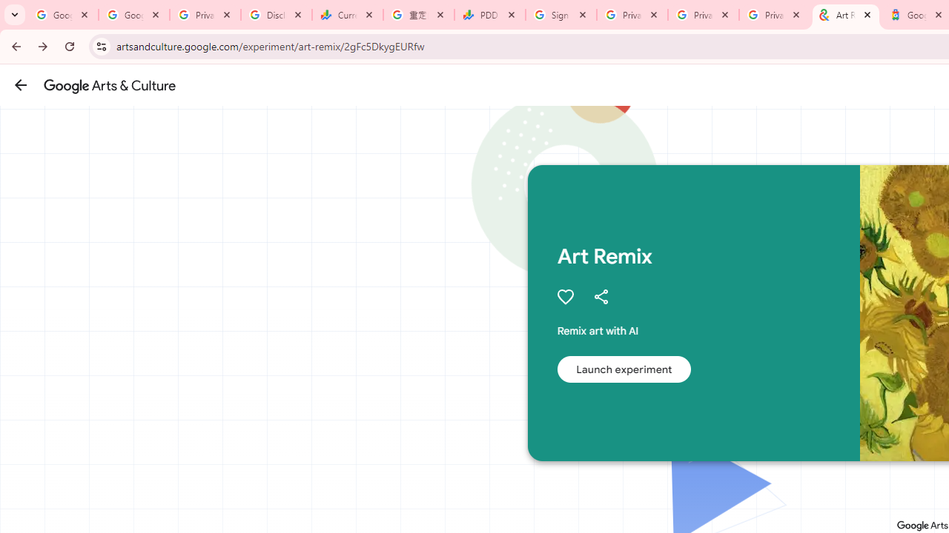 The width and height of the screenshot is (949, 533). Describe the element at coordinates (564, 297) in the screenshot. I see `'Authenticate to favorite this asset.'` at that location.